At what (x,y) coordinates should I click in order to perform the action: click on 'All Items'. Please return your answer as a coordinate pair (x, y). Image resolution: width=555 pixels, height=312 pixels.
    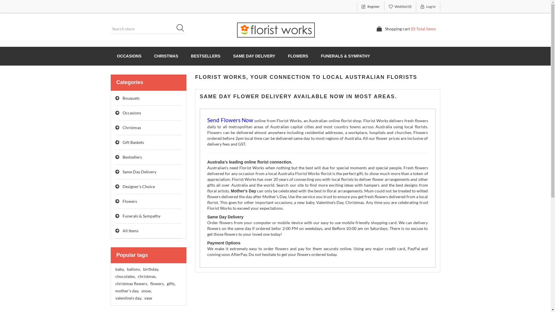
    Looking at the image, I should click on (148, 231).